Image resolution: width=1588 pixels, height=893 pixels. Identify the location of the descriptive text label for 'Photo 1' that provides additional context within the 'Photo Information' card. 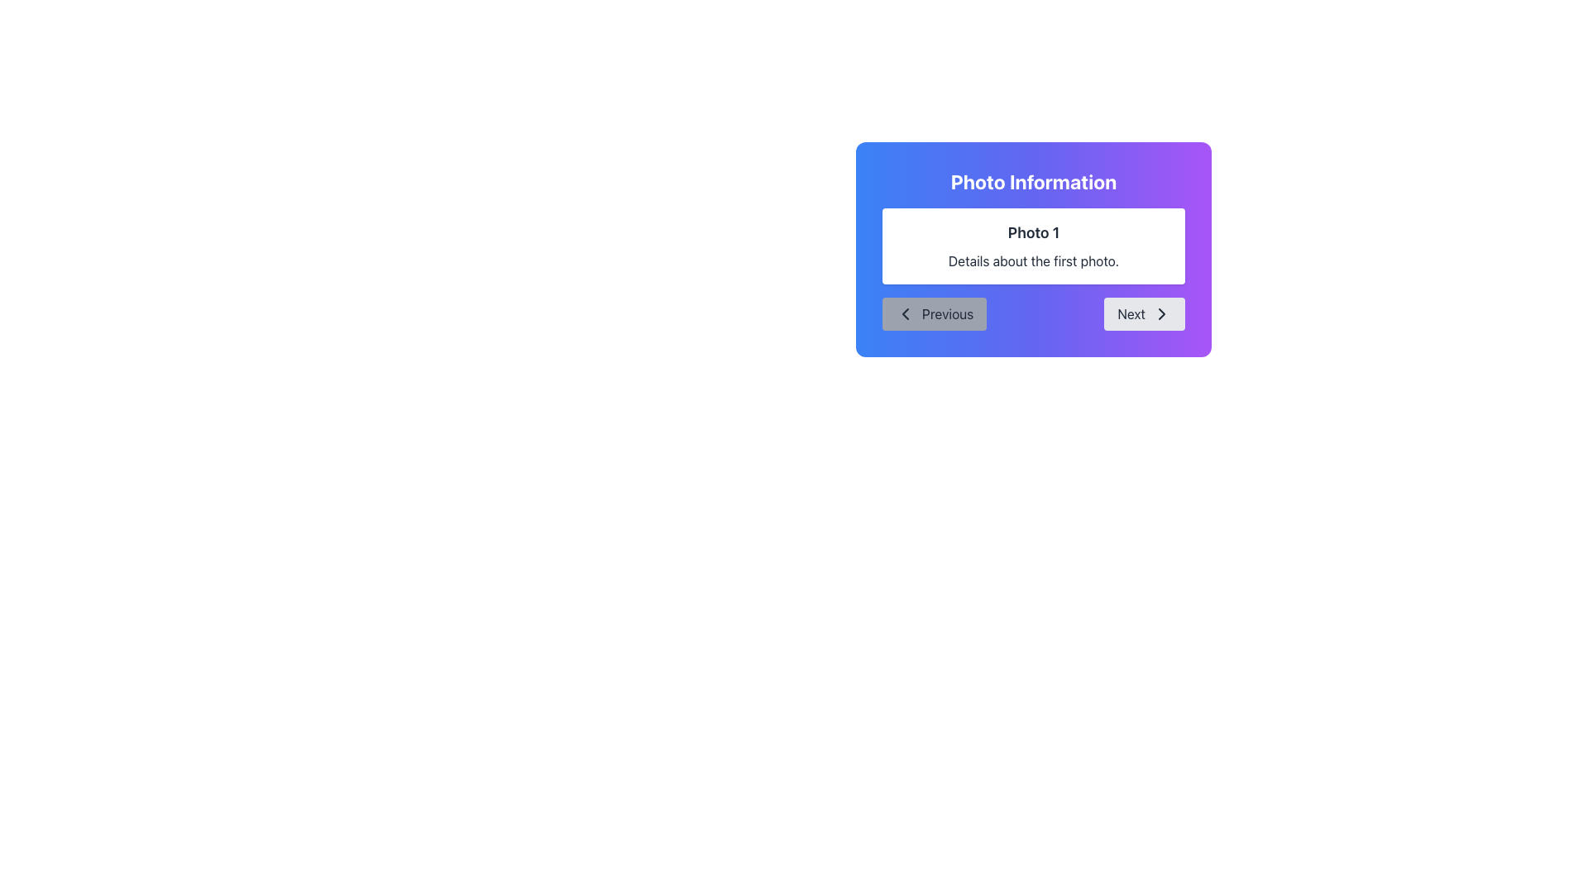
(1032, 260).